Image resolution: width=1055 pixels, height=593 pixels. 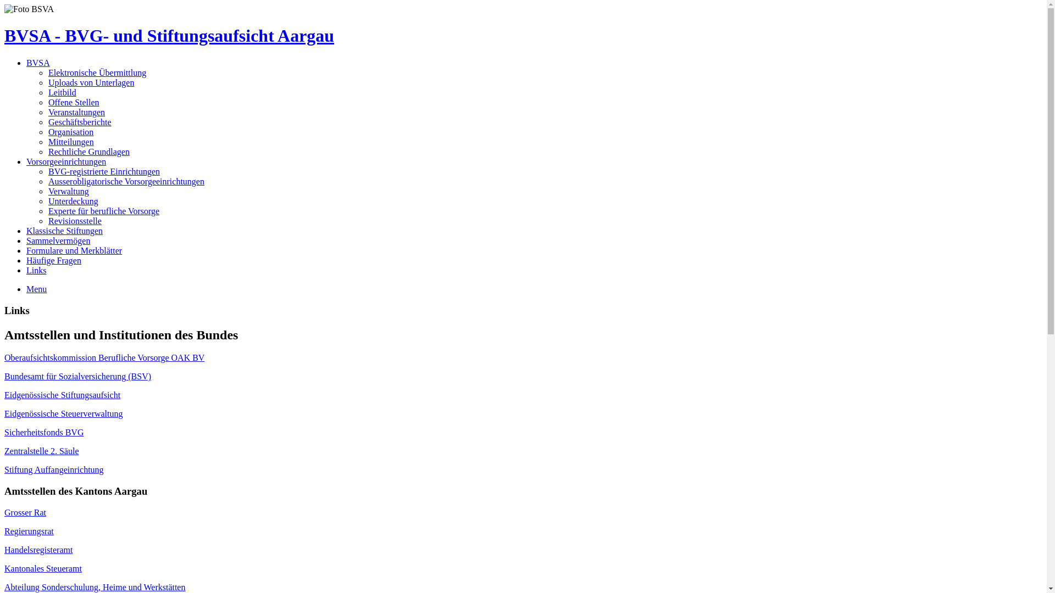 What do you see at coordinates (26, 270) in the screenshot?
I see `'Links'` at bounding box center [26, 270].